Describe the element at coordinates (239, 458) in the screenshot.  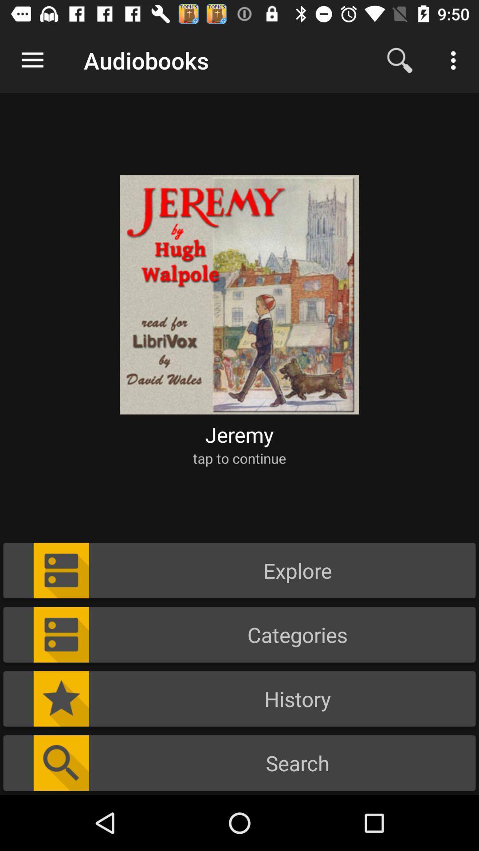
I see `the icon above the explore` at that location.